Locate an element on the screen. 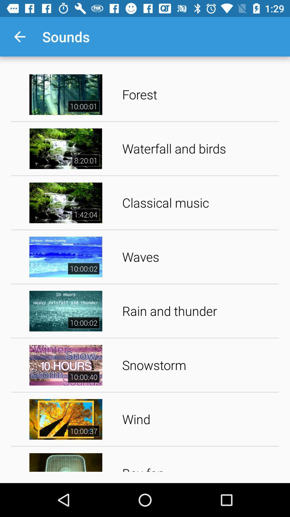  the item above classical music is located at coordinates (198, 149).